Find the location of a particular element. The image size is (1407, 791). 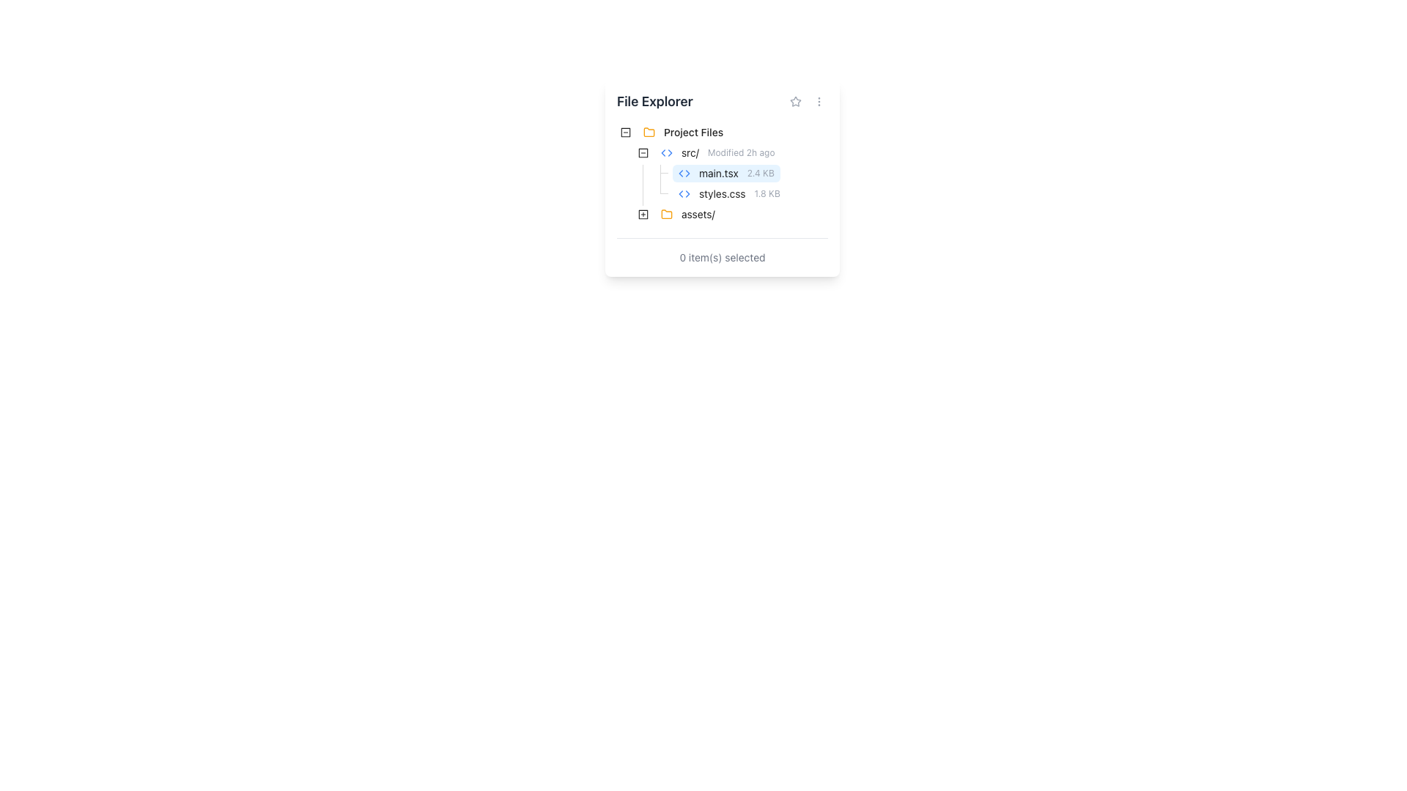

the 'assets/' directory in the file explorer is located at coordinates (687, 215).